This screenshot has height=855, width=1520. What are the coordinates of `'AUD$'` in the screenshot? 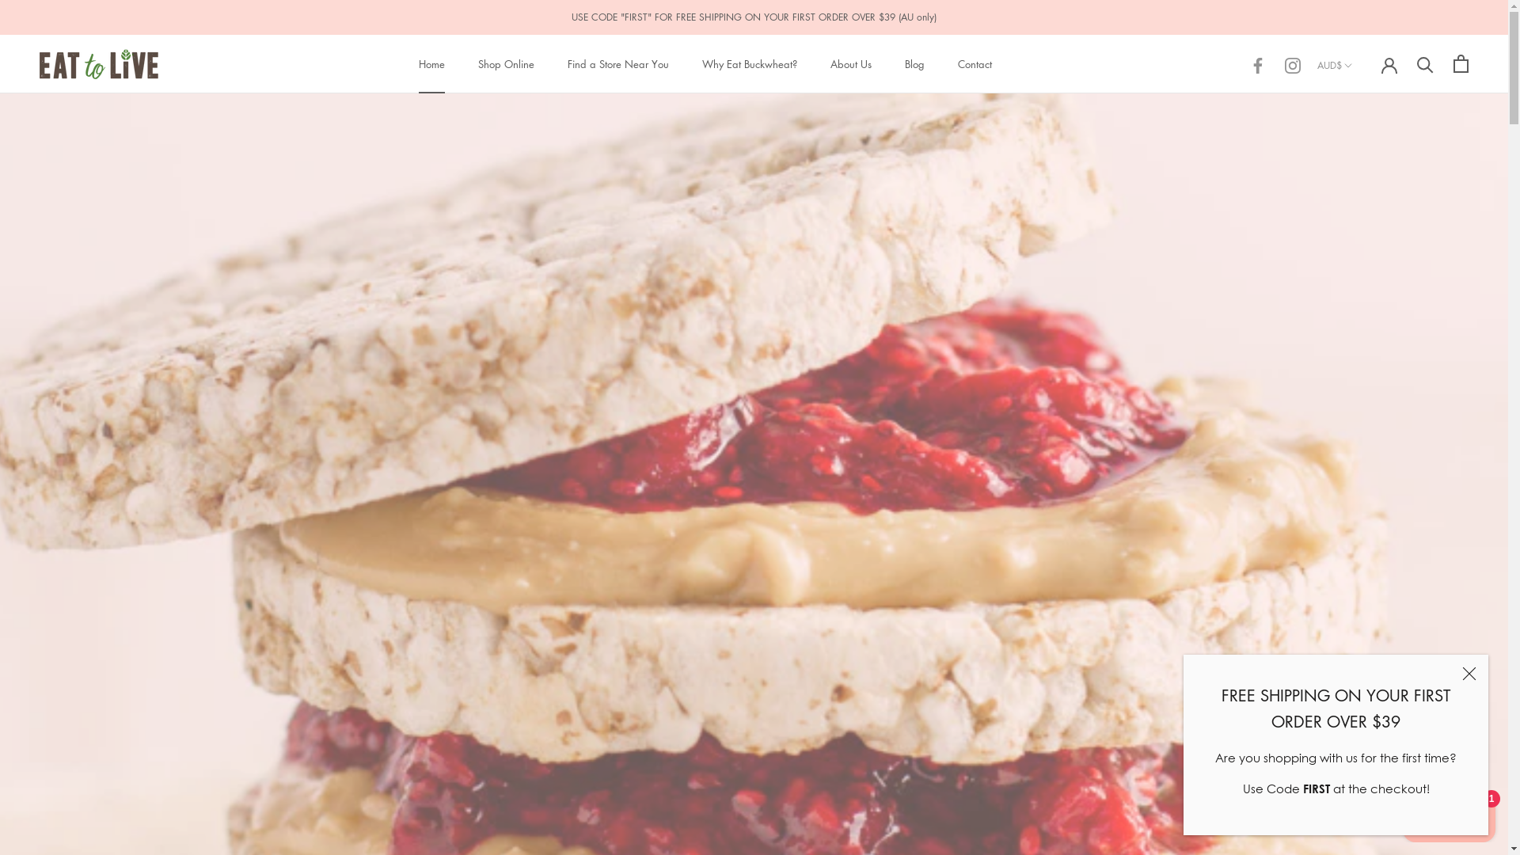 It's located at (1336, 65).